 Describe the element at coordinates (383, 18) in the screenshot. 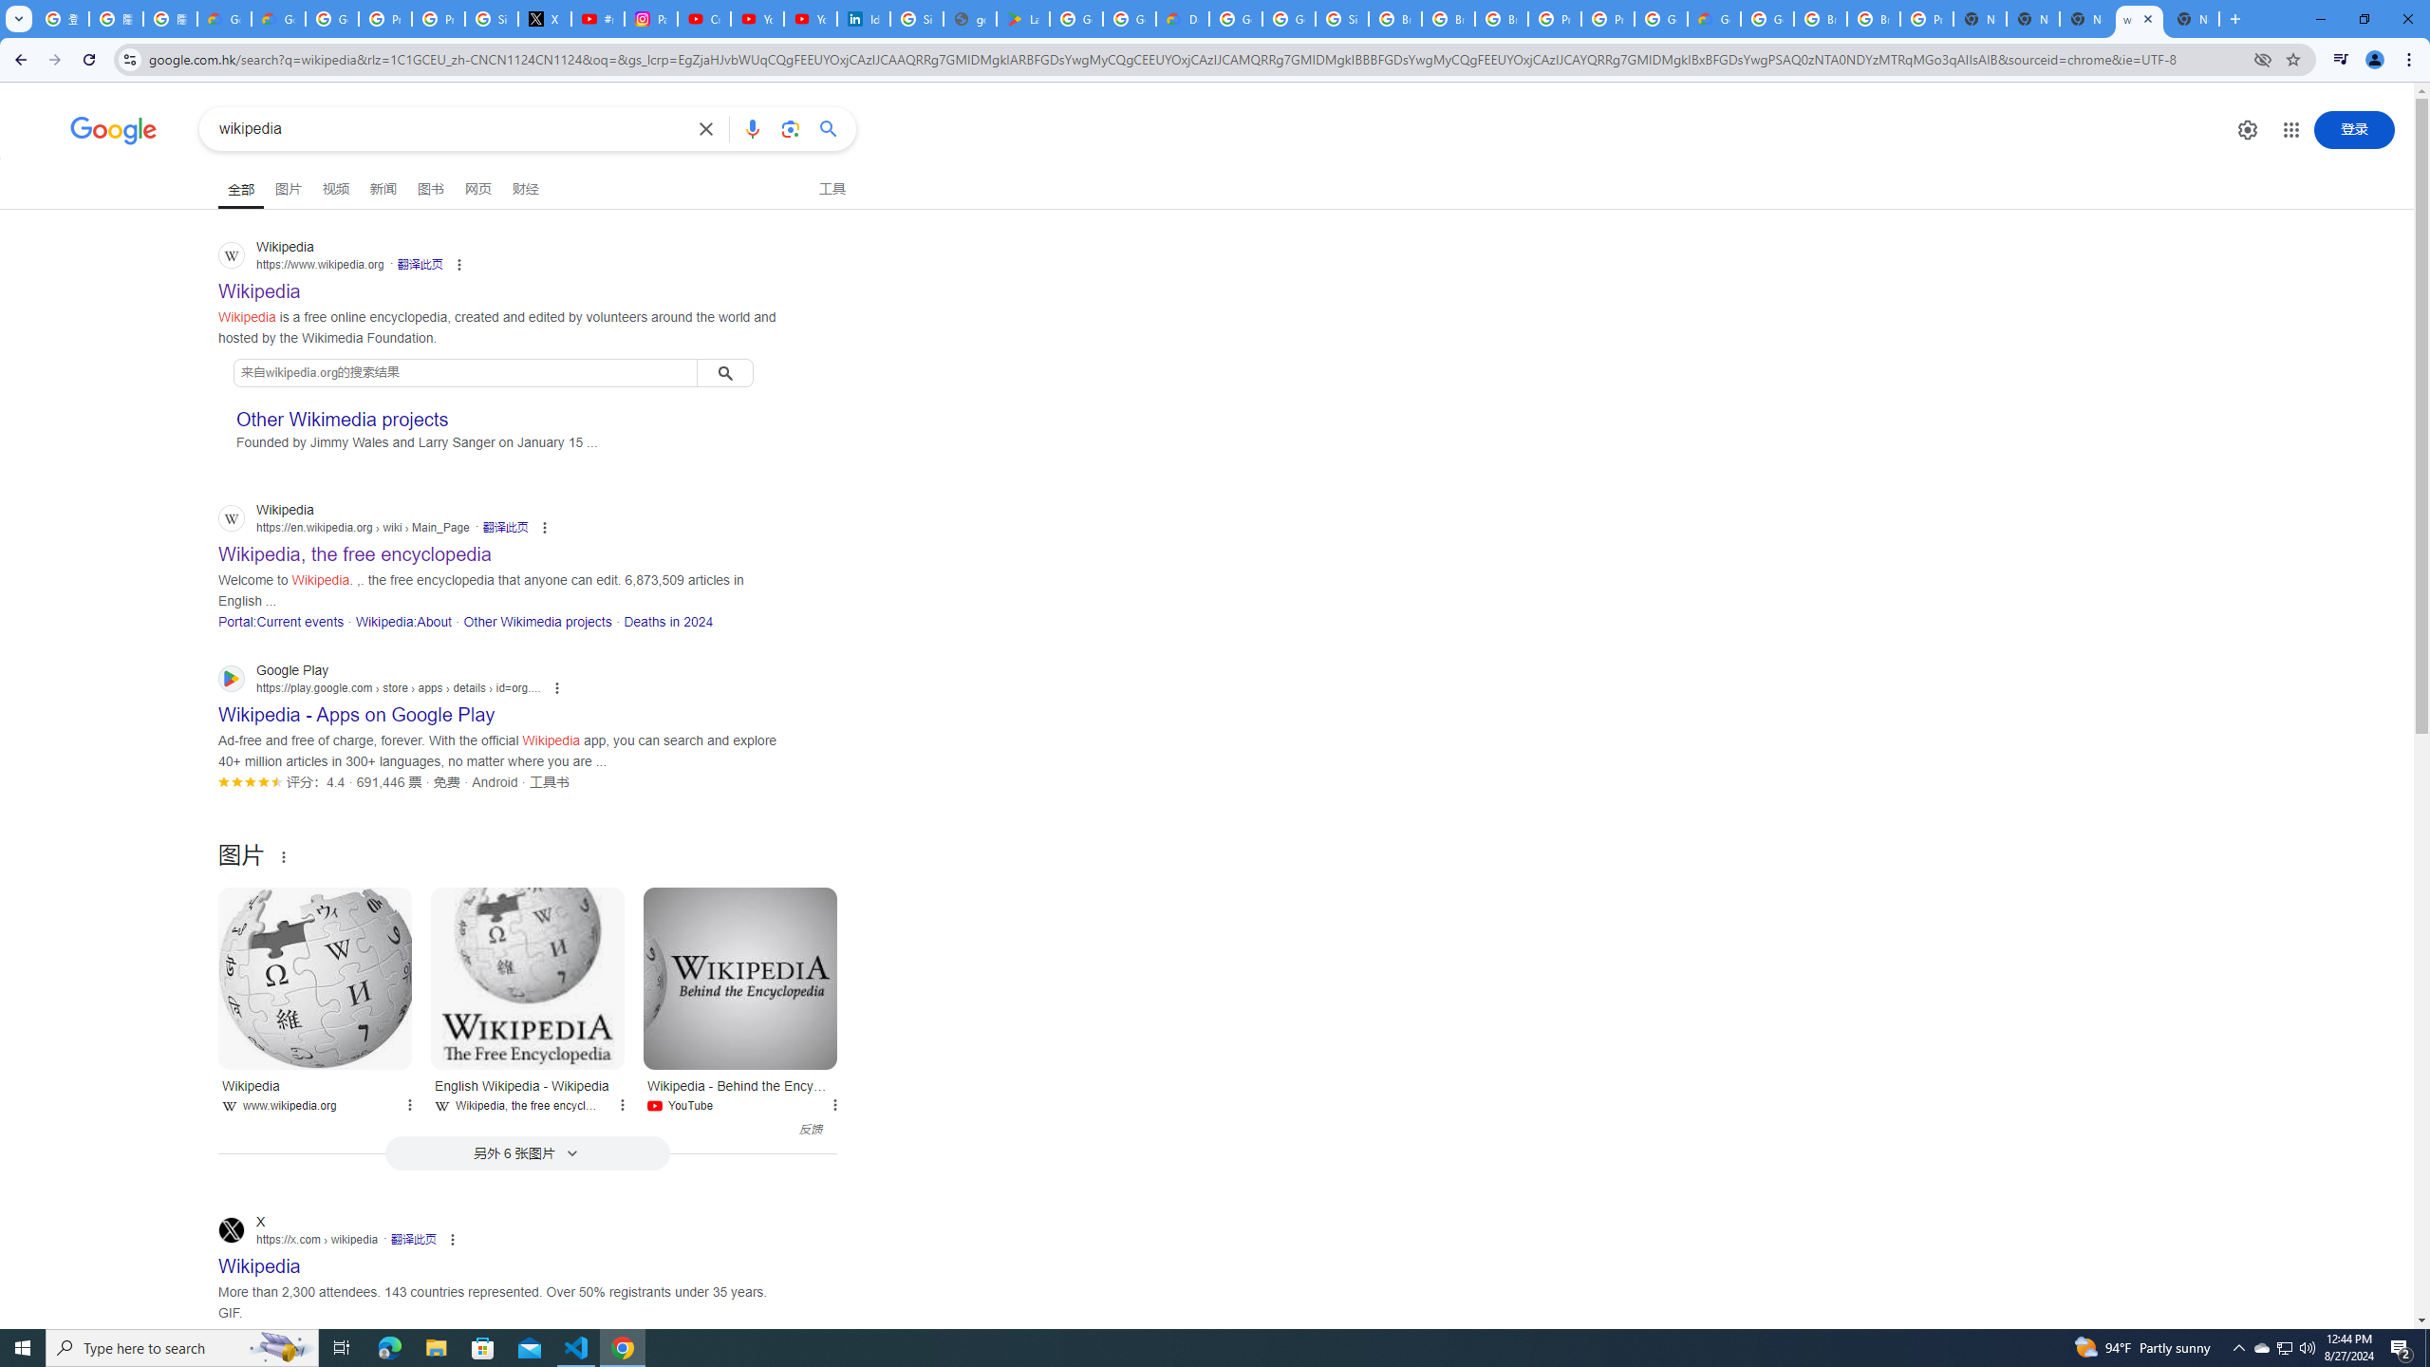

I see `'Privacy Help Center - Policies Help'` at that location.